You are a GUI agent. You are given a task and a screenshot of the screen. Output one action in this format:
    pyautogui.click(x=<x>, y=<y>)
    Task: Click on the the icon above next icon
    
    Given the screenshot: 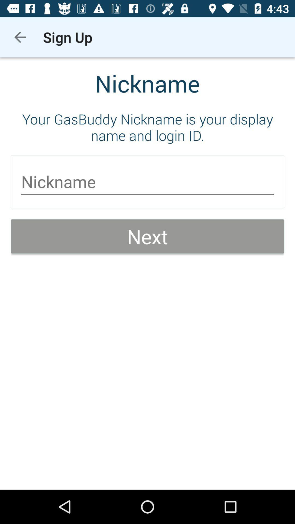 What is the action you would take?
    pyautogui.click(x=147, y=182)
    